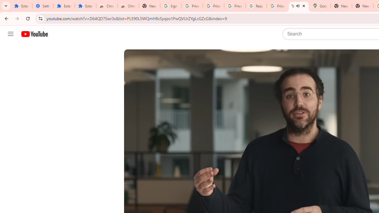  Describe the element at coordinates (107, 6) in the screenshot. I see `'Chrome Web Store'` at that location.